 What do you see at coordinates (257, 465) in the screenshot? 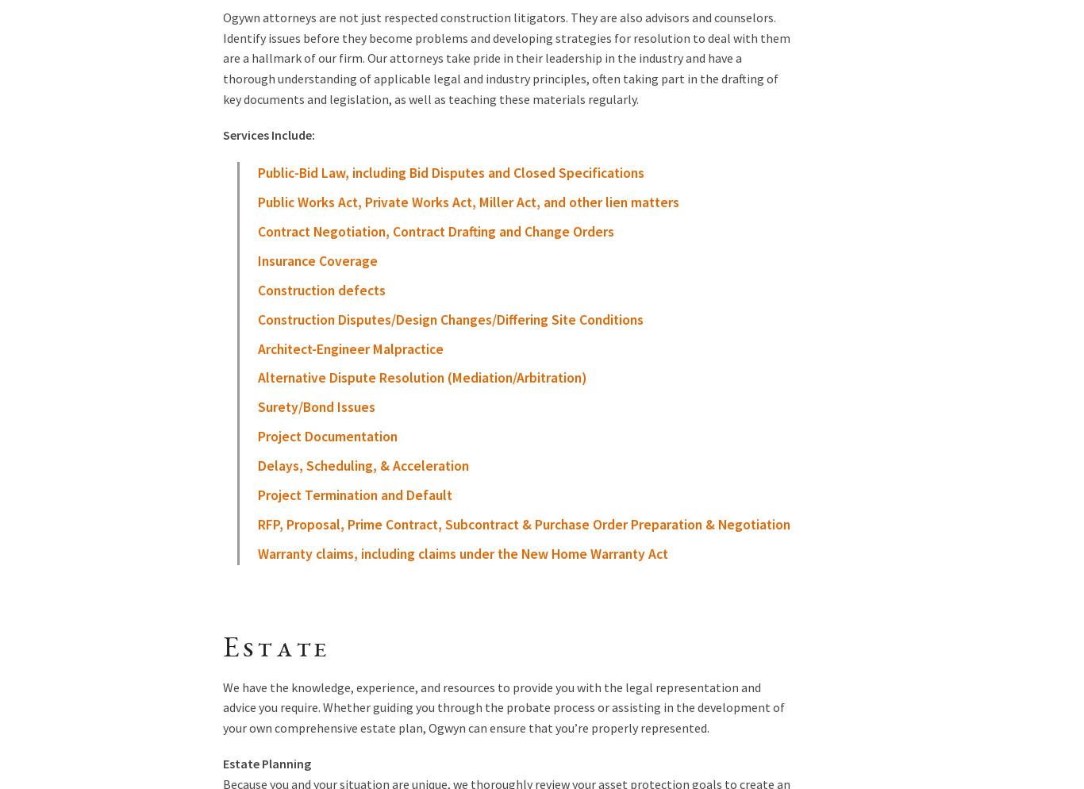
I see `'Delays, Scheduling, & Acceleration'` at bounding box center [257, 465].